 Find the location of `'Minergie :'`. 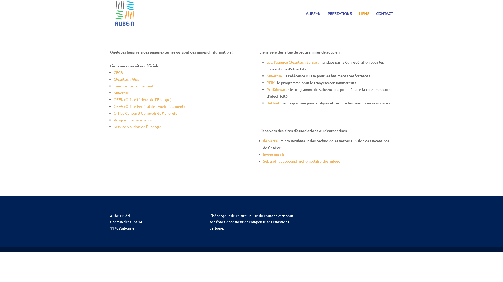

'Minergie :' is located at coordinates (275, 76).